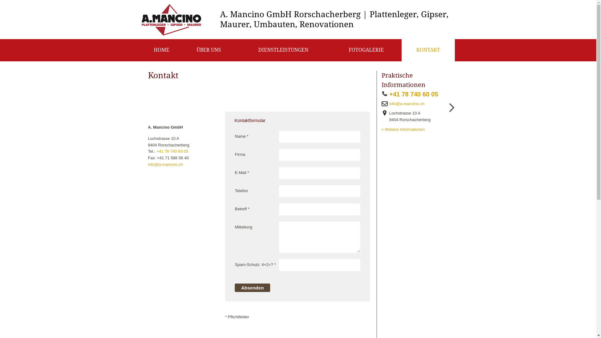 The width and height of the screenshot is (601, 338). Describe the element at coordinates (161, 50) in the screenshot. I see `'HOME'` at that location.